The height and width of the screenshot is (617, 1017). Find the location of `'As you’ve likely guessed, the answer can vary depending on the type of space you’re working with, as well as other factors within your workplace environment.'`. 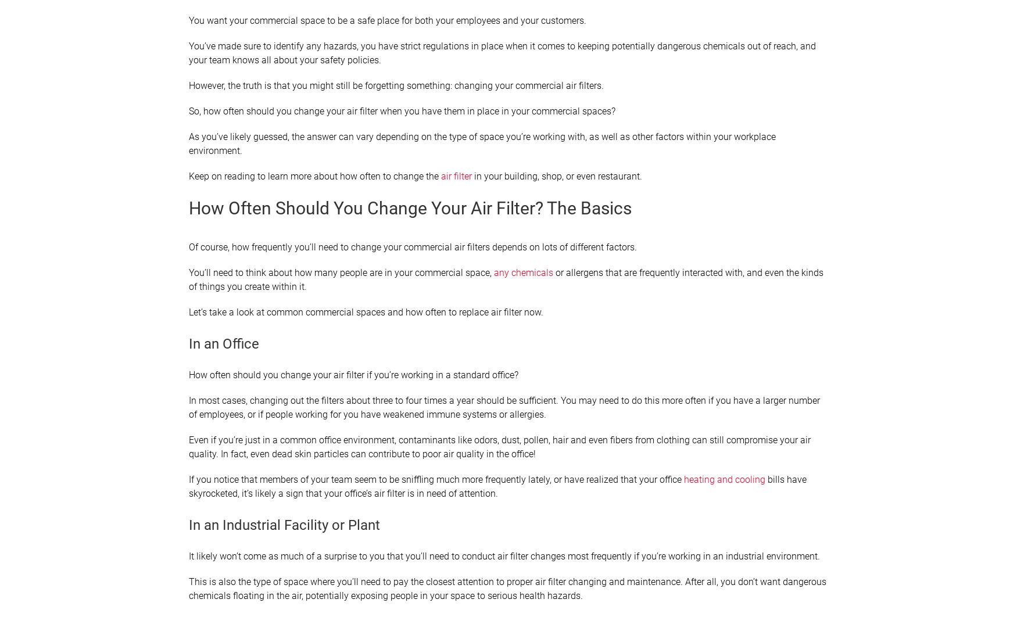

'As you’ve likely guessed, the answer can vary depending on the type of space you’re working with, as well as other factors within your workplace environment.' is located at coordinates (482, 144).